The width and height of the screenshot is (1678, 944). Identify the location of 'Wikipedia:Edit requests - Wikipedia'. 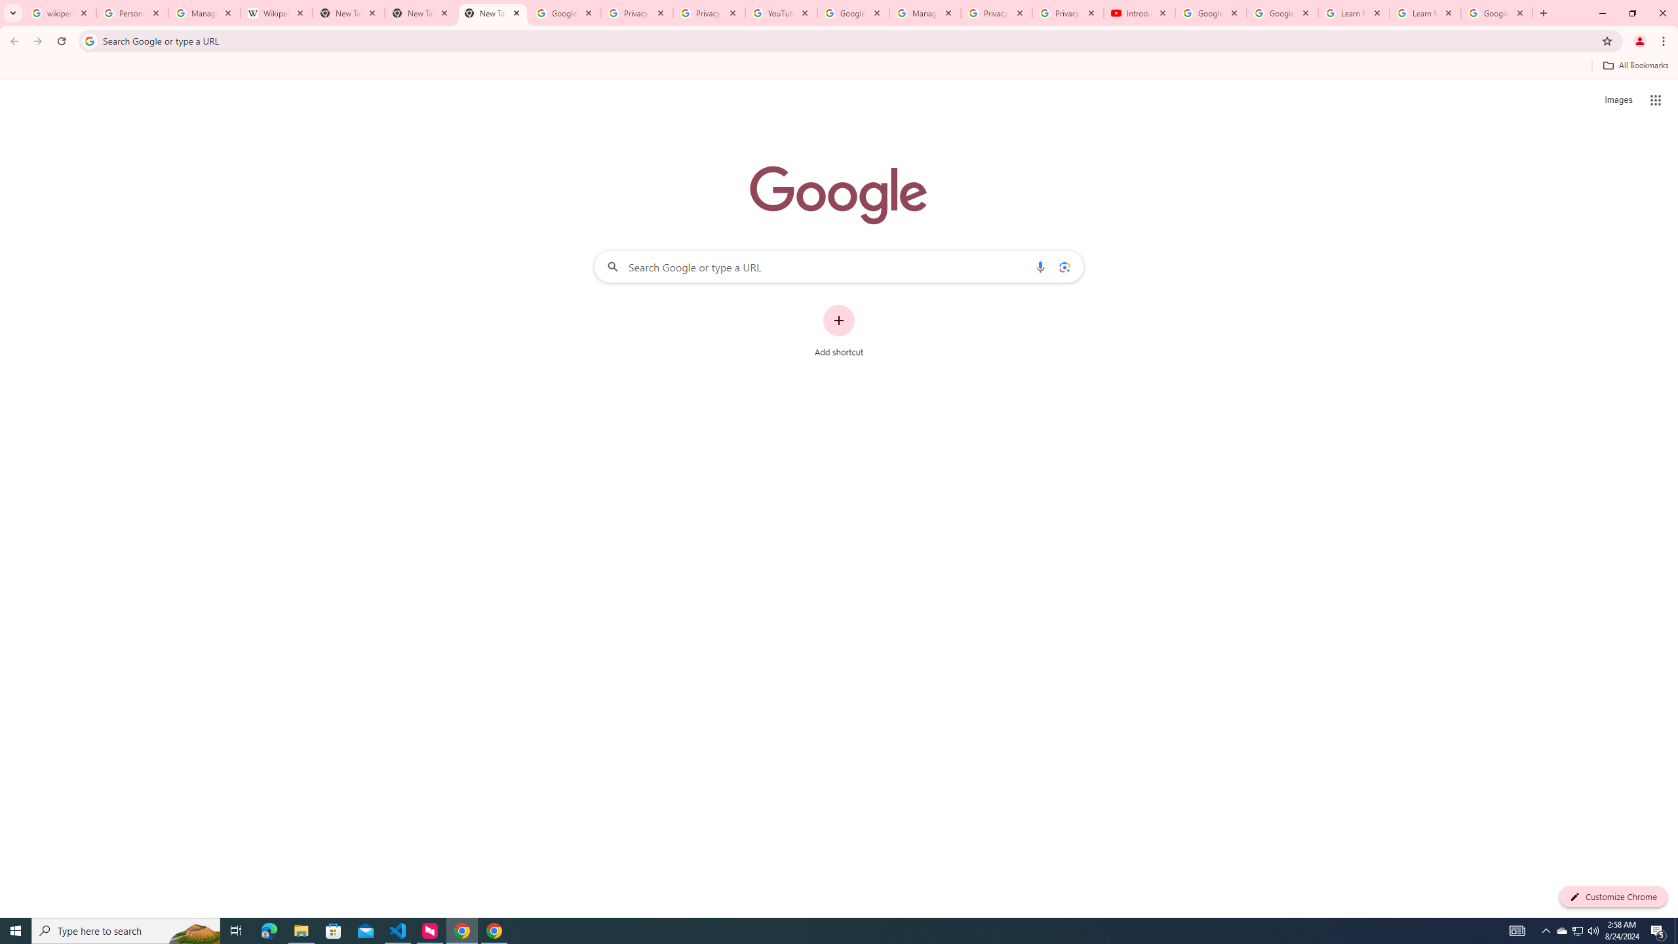
(276, 12).